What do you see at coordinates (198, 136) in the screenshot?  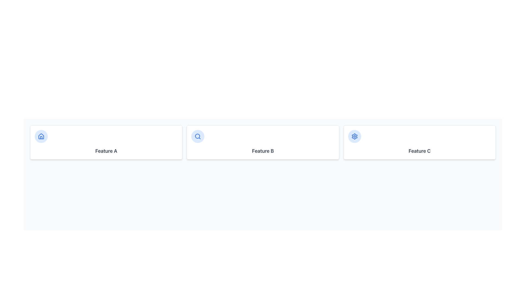 I see `the circular icon with a magnifying glass located at the top center of the 'Feature B' card` at bounding box center [198, 136].